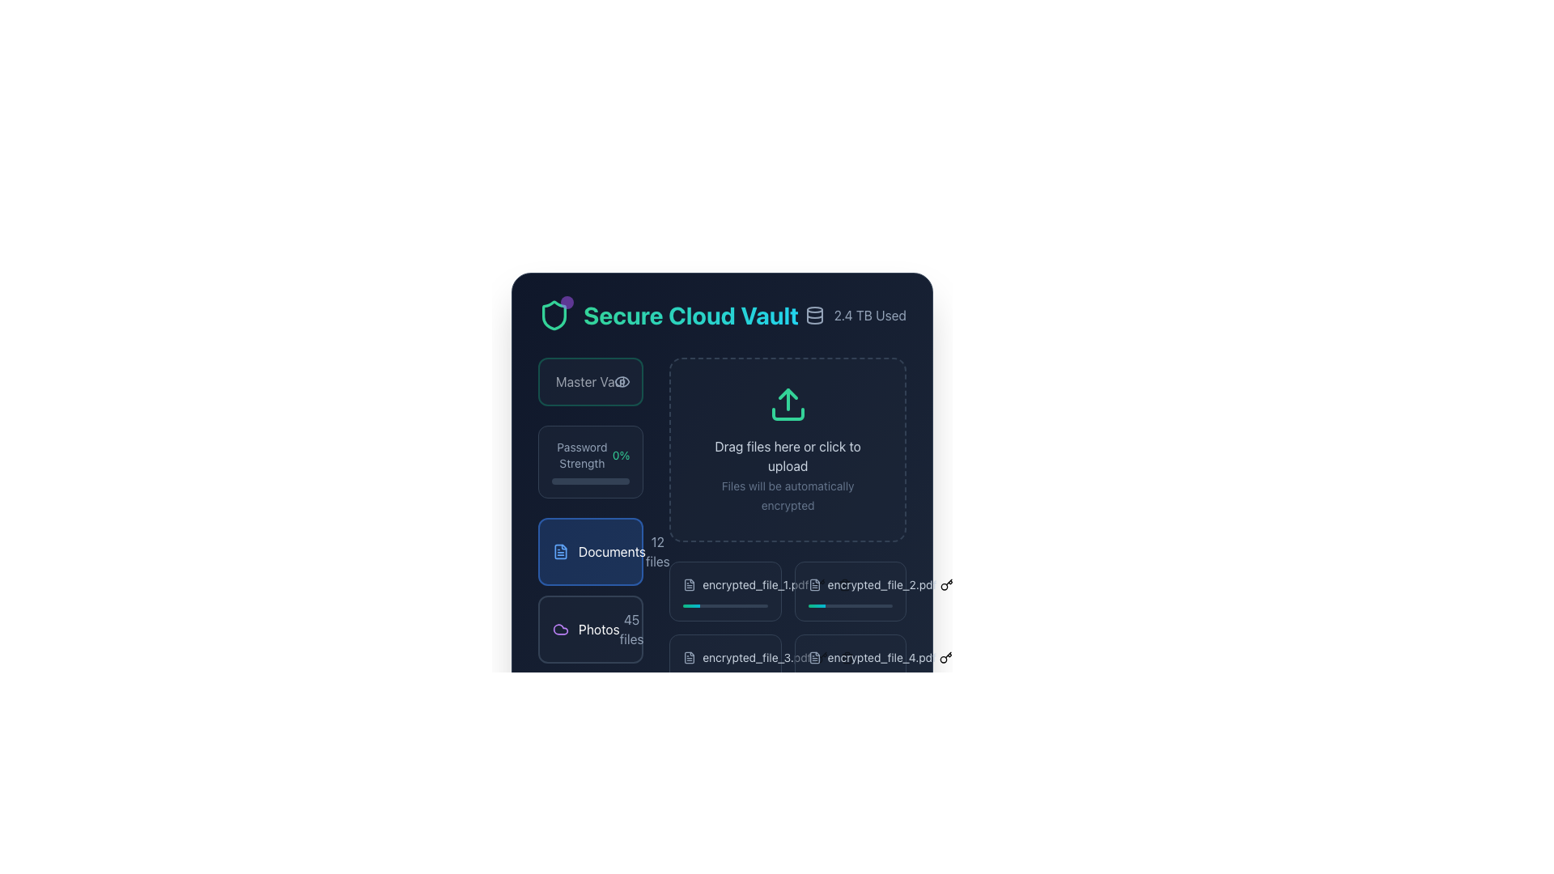 The height and width of the screenshot is (874, 1554). I want to click on the file icon representing 'encrypted_file_1.pdf', which is a small document icon located to the left of the text displaying the file name, so click(690, 584).